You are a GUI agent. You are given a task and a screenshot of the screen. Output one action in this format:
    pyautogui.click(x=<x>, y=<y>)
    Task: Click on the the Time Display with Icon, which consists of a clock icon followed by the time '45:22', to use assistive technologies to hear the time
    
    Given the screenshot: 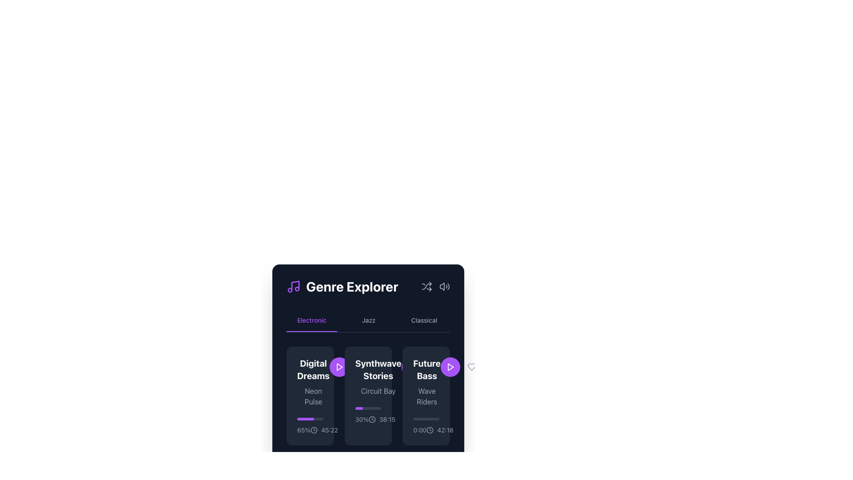 What is the action you would take?
    pyautogui.click(x=323, y=430)
    